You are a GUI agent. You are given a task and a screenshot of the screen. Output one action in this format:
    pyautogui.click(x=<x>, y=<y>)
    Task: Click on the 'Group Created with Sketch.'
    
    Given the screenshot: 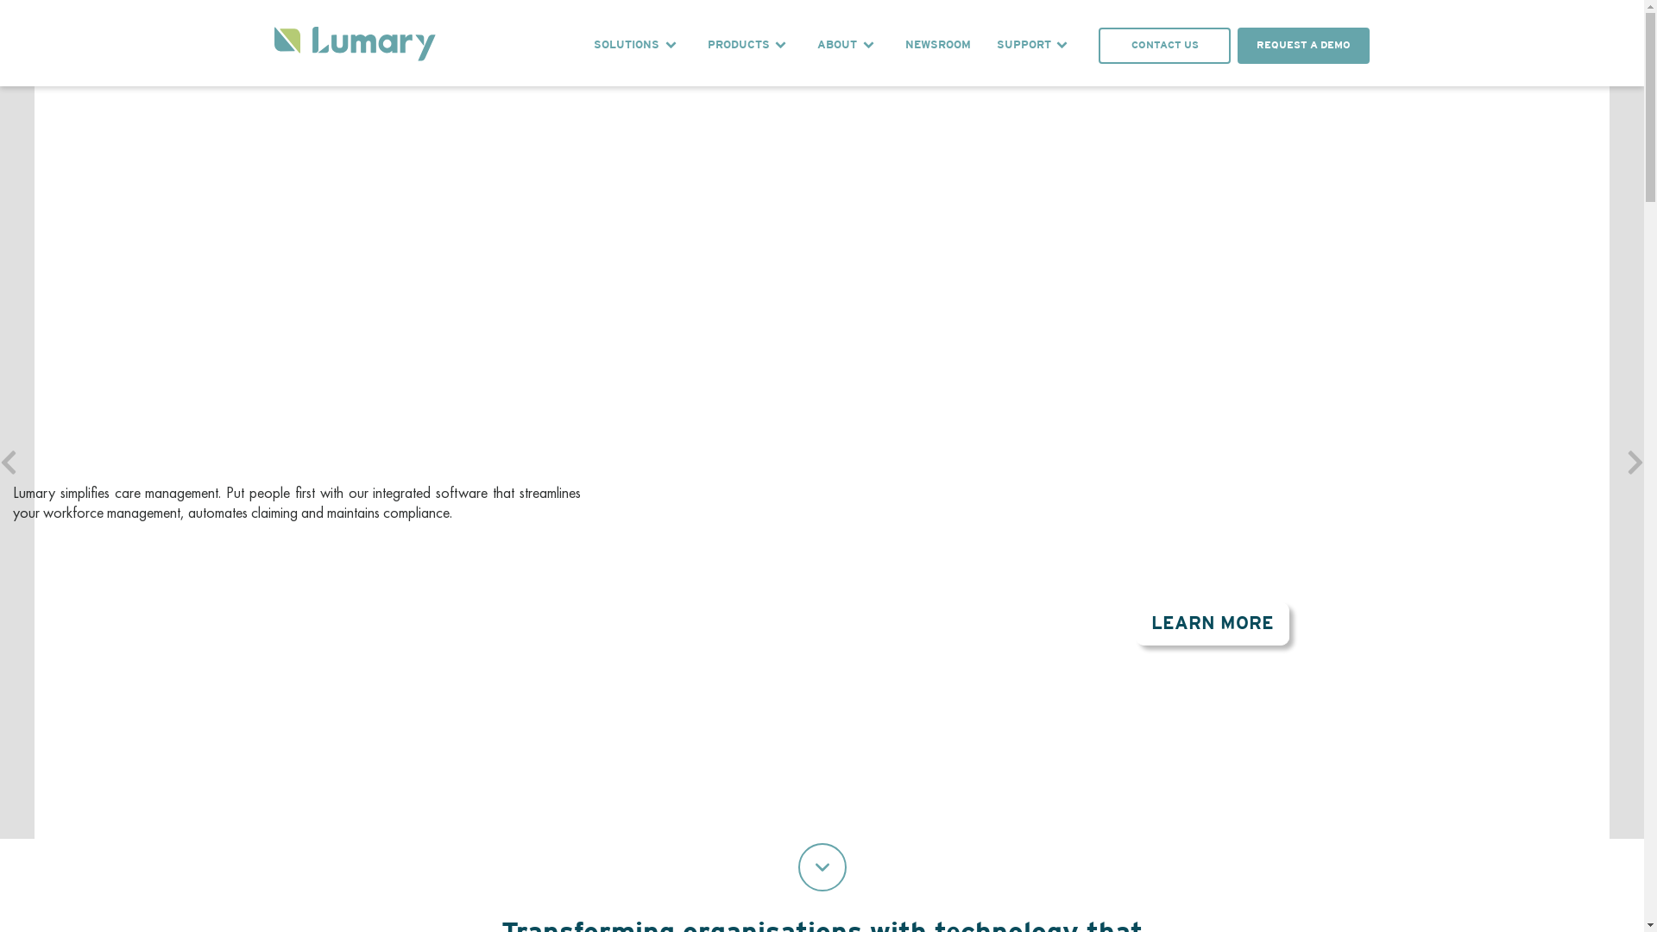 What is the action you would take?
    pyautogui.click(x=273, y=45)
    